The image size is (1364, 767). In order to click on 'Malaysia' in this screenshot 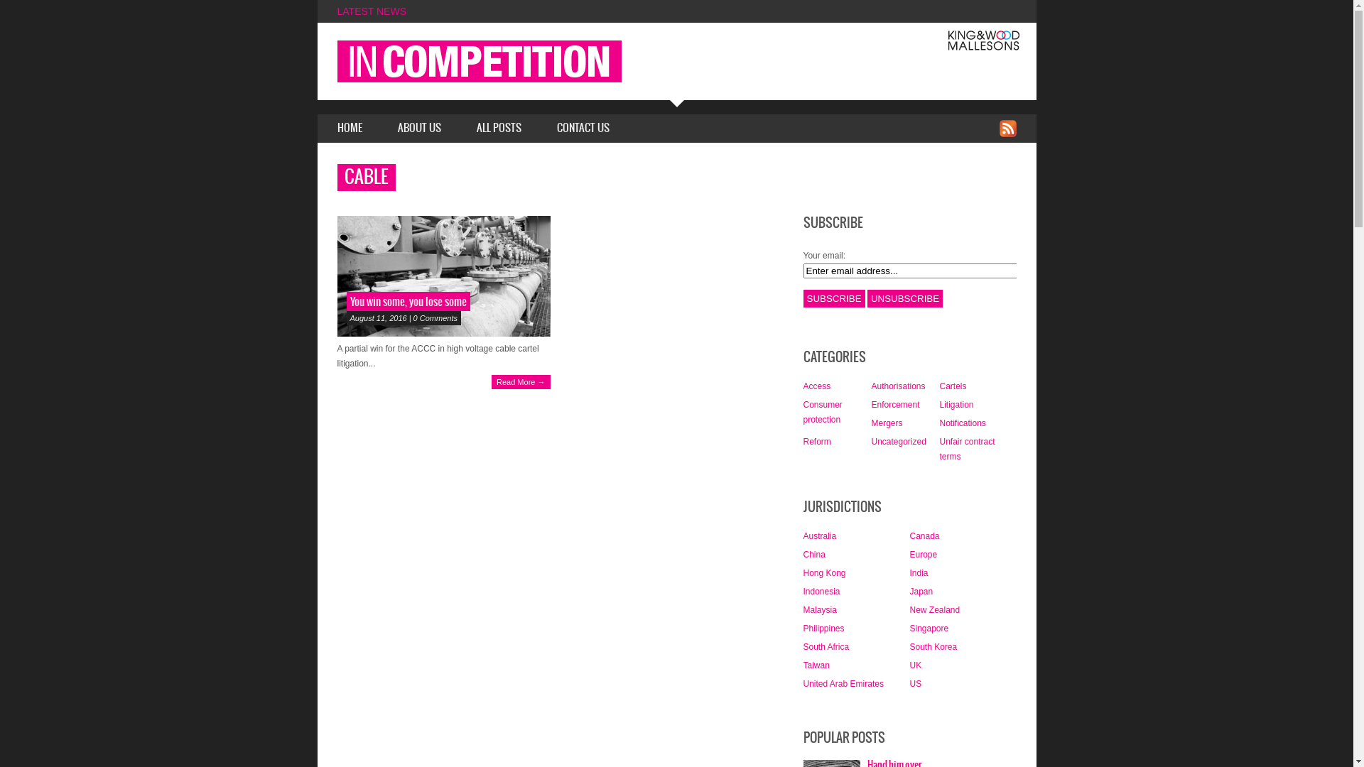, I will do `click(802, 609)`.